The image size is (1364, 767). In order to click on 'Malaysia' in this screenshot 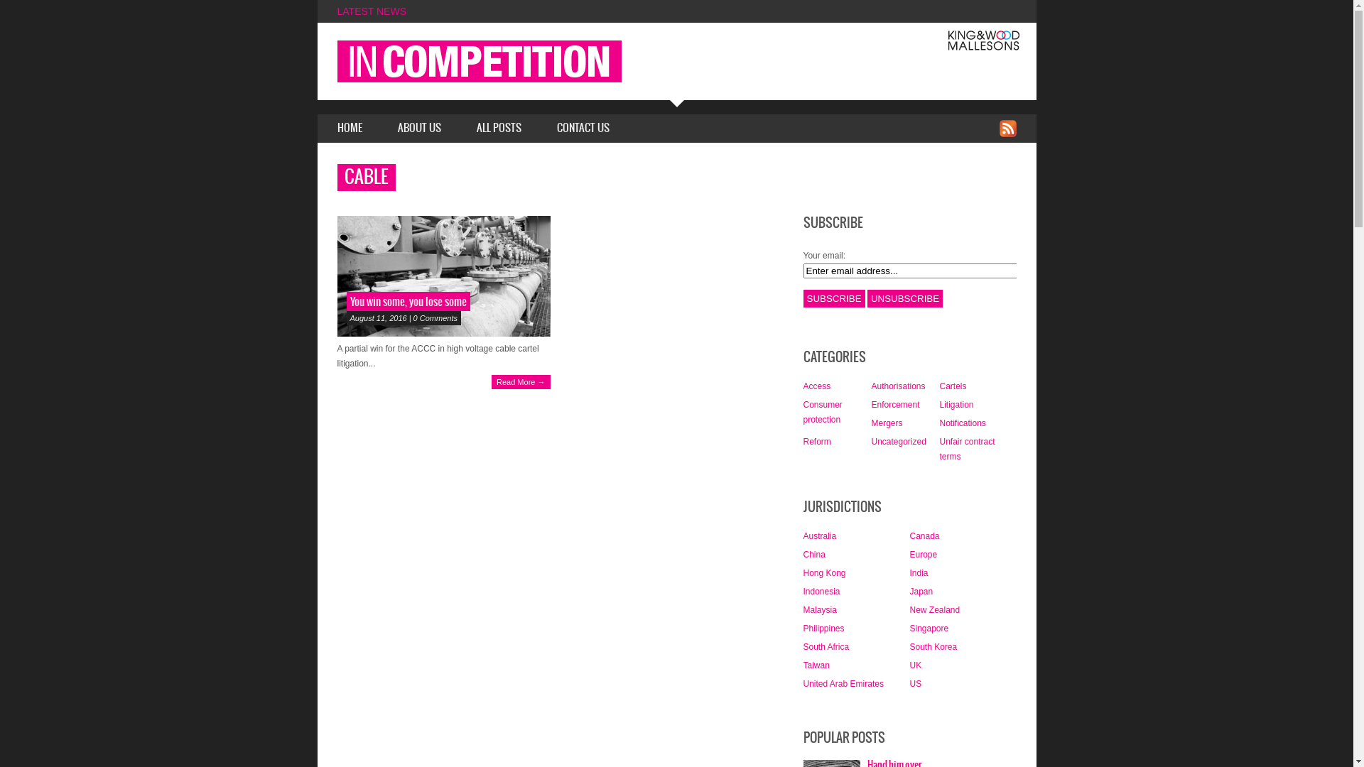, I will do `click(802, 609)`.